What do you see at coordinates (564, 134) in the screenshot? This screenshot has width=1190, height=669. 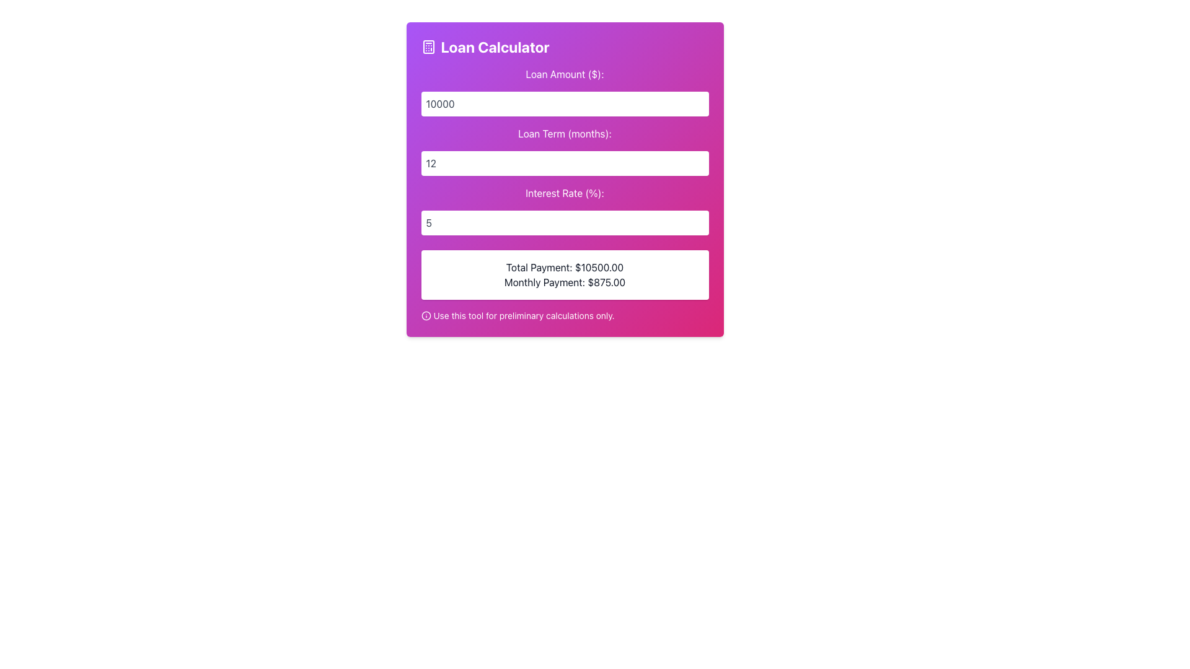 I see `the text label reading 'Loan Term (months):' which is styled with white text on a gradient purple background, located in the 'Loan Calculator' form, beneath 'Loan Amount ($):' and above 'Interest Rate (%):'` at bounding box center [564, 134].